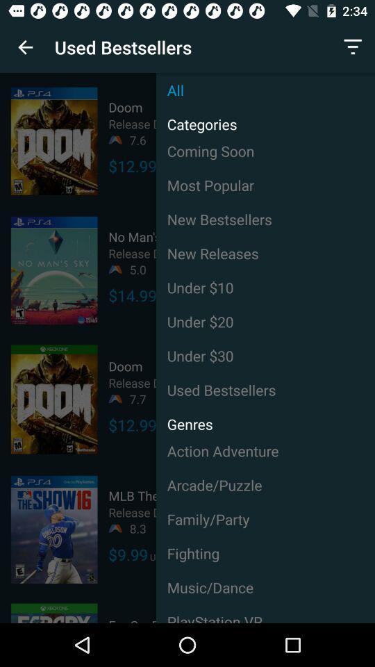 Image resolution: width=375 pixels, height=667 pixels. I want to click on the categories item, so click(196, 120).